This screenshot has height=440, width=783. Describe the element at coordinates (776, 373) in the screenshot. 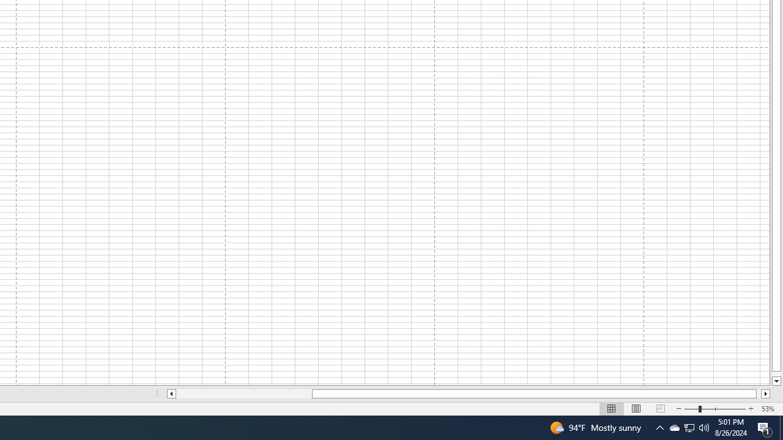

I see `'Page down'` at that location.